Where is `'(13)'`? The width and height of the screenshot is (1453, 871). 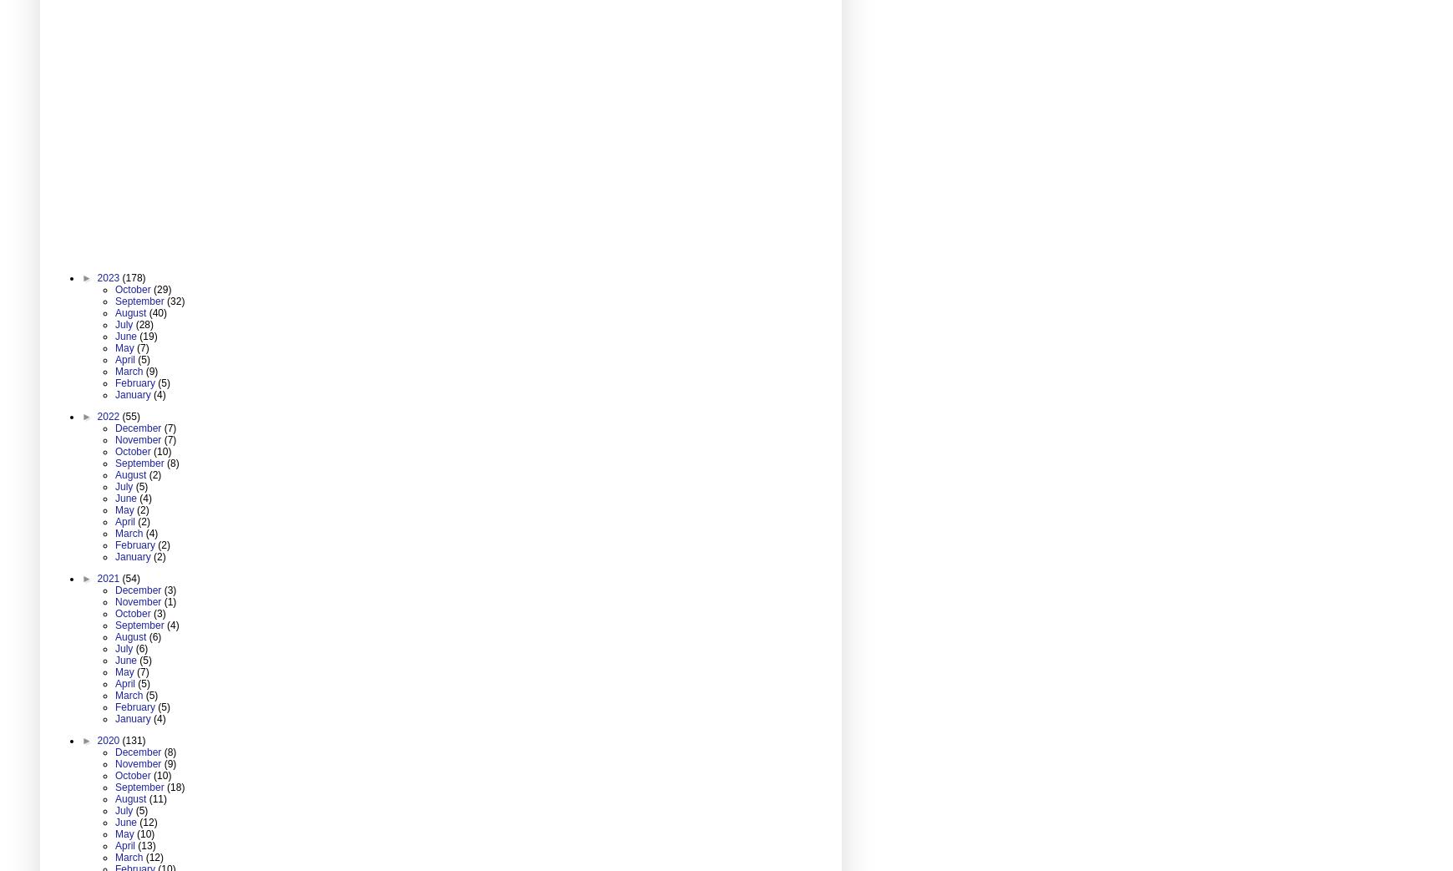 '(13)' is located at coordinates (145, 845).